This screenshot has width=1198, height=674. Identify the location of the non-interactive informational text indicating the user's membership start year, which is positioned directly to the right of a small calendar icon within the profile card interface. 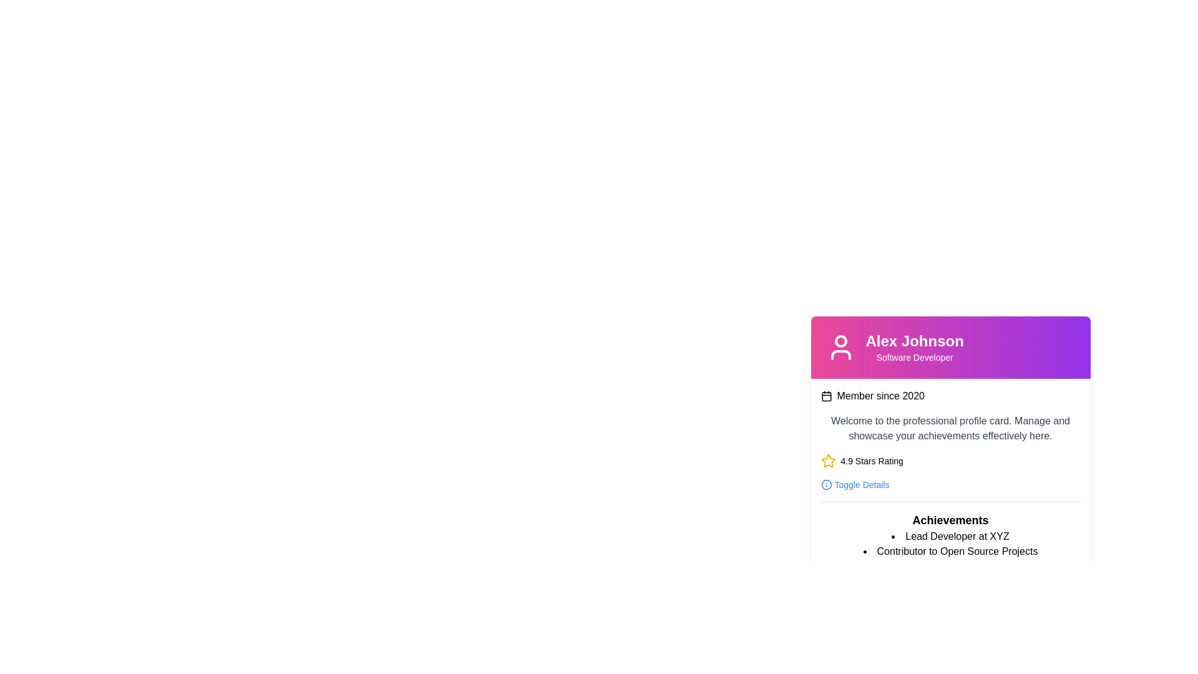
(880, 396).